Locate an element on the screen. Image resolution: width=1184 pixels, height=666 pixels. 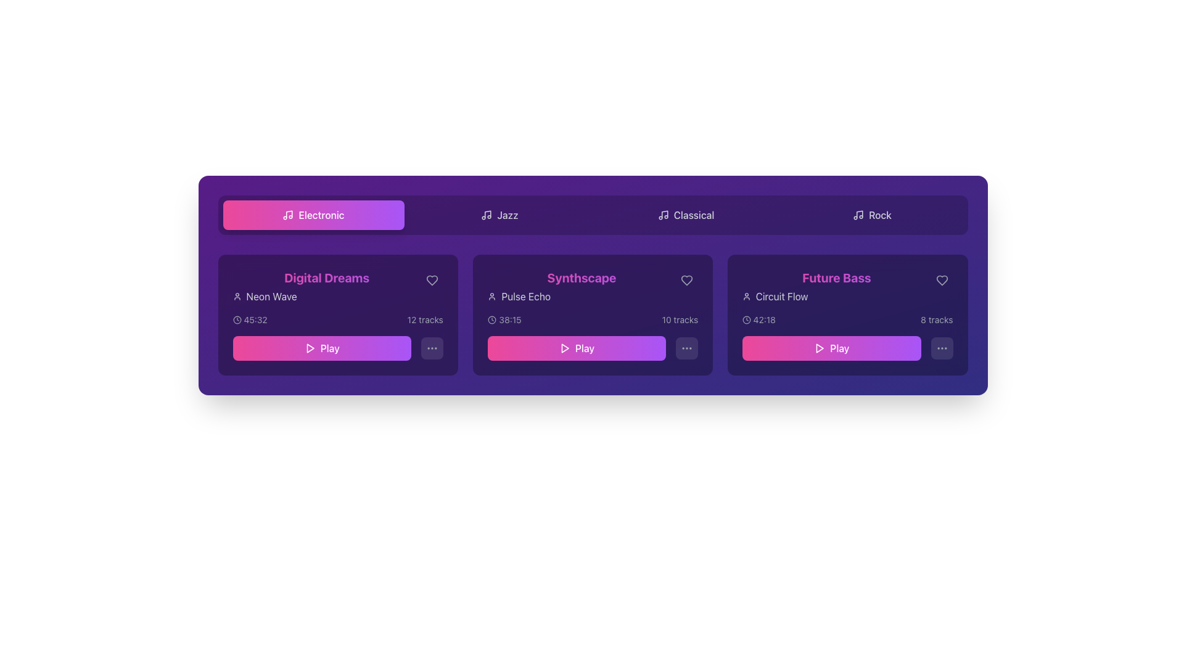
the rectangular button with rounded corners, styled with a gradient background from pink to purple, containing a white play icon and the text 'Play' is located at coordinates (322, 348).